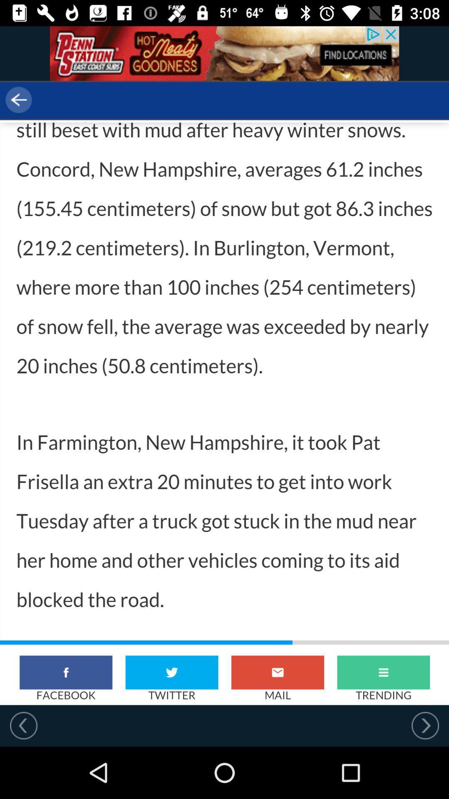  Describe the element at coordinates (54, 100) in the screenshot. I see `the arrow_backward icon` at that location.